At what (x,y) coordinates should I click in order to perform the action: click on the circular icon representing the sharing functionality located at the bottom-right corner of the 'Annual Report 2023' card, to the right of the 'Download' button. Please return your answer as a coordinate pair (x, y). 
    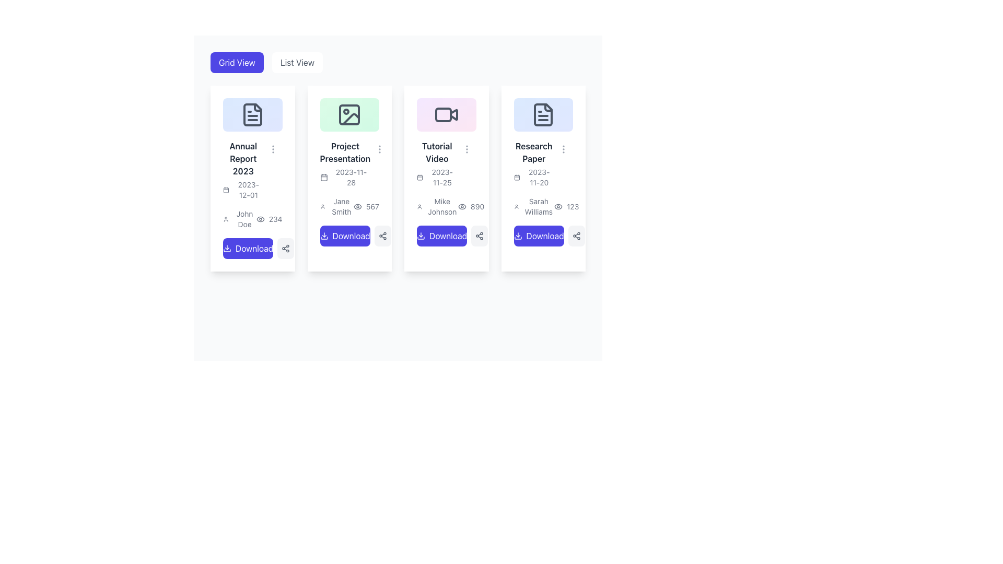
    Looking at the image, I should click on (382, 236).